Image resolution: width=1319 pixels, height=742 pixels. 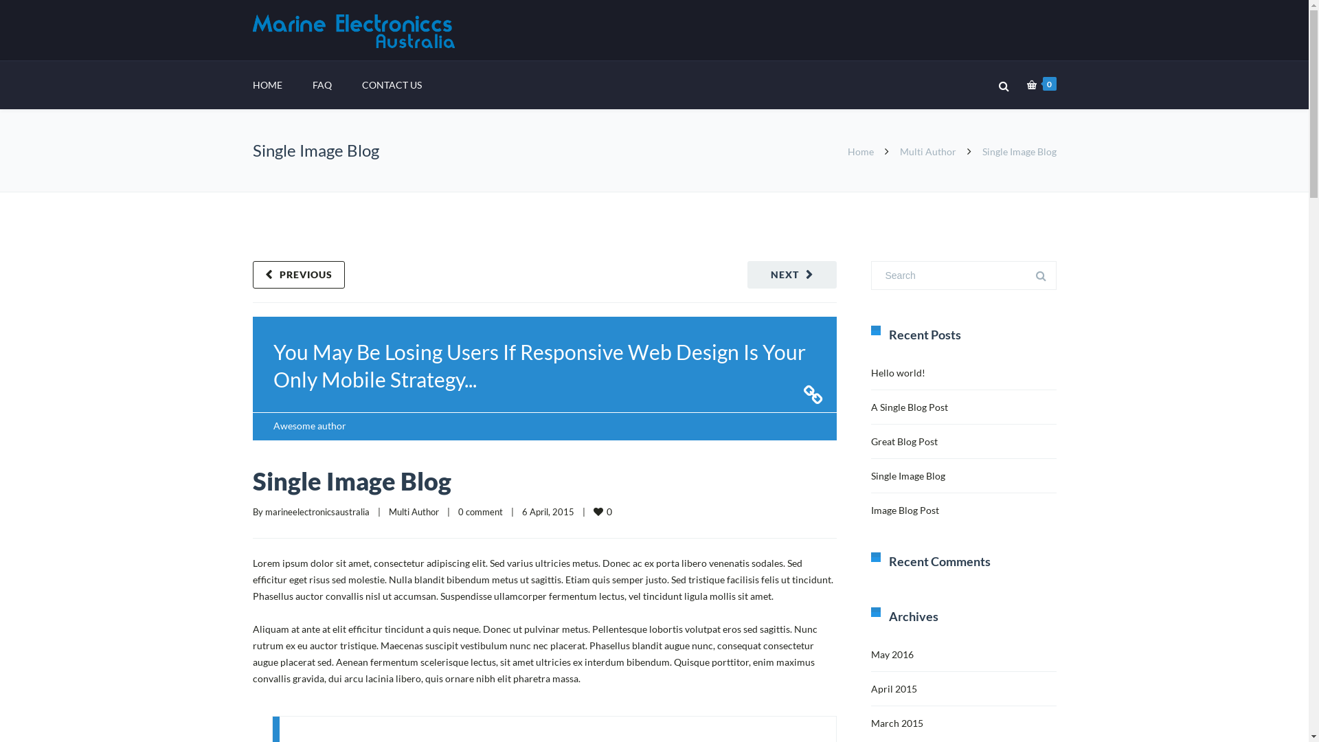 What do you see at coordinates (894, 688) in the screenshot?
I see `'April 2015'` at bounding box center [894, 688].